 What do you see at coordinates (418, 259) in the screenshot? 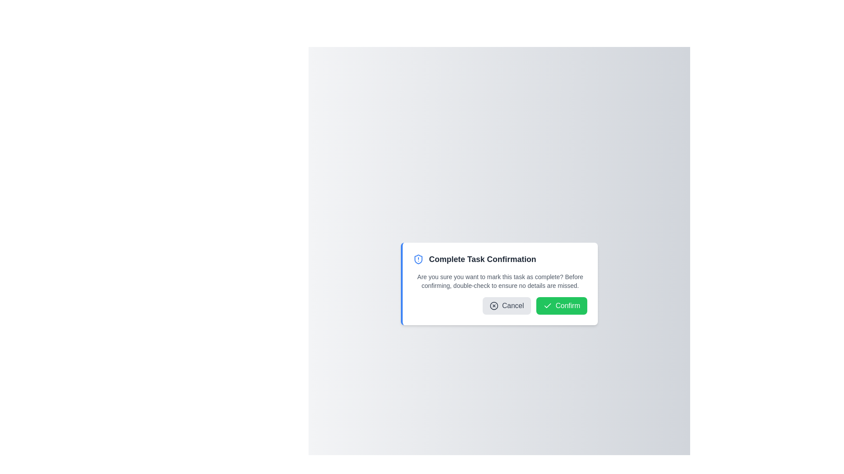
I see `the primary body of the shield icon, which serves as a decorative graphic indicating an alert within the top-left section of the confirmation modal` at bounding box center [418, 259].